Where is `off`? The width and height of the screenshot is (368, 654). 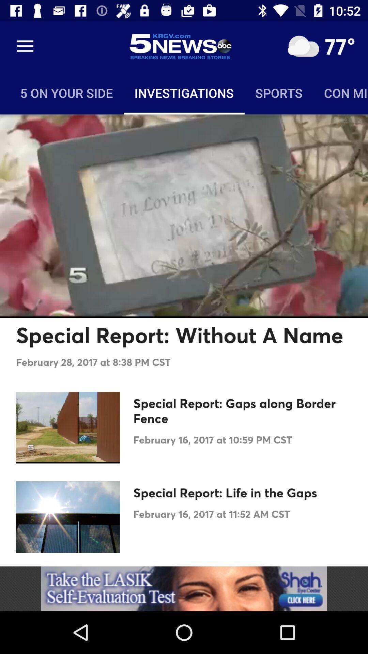
off is located at coordinates (303, 46).